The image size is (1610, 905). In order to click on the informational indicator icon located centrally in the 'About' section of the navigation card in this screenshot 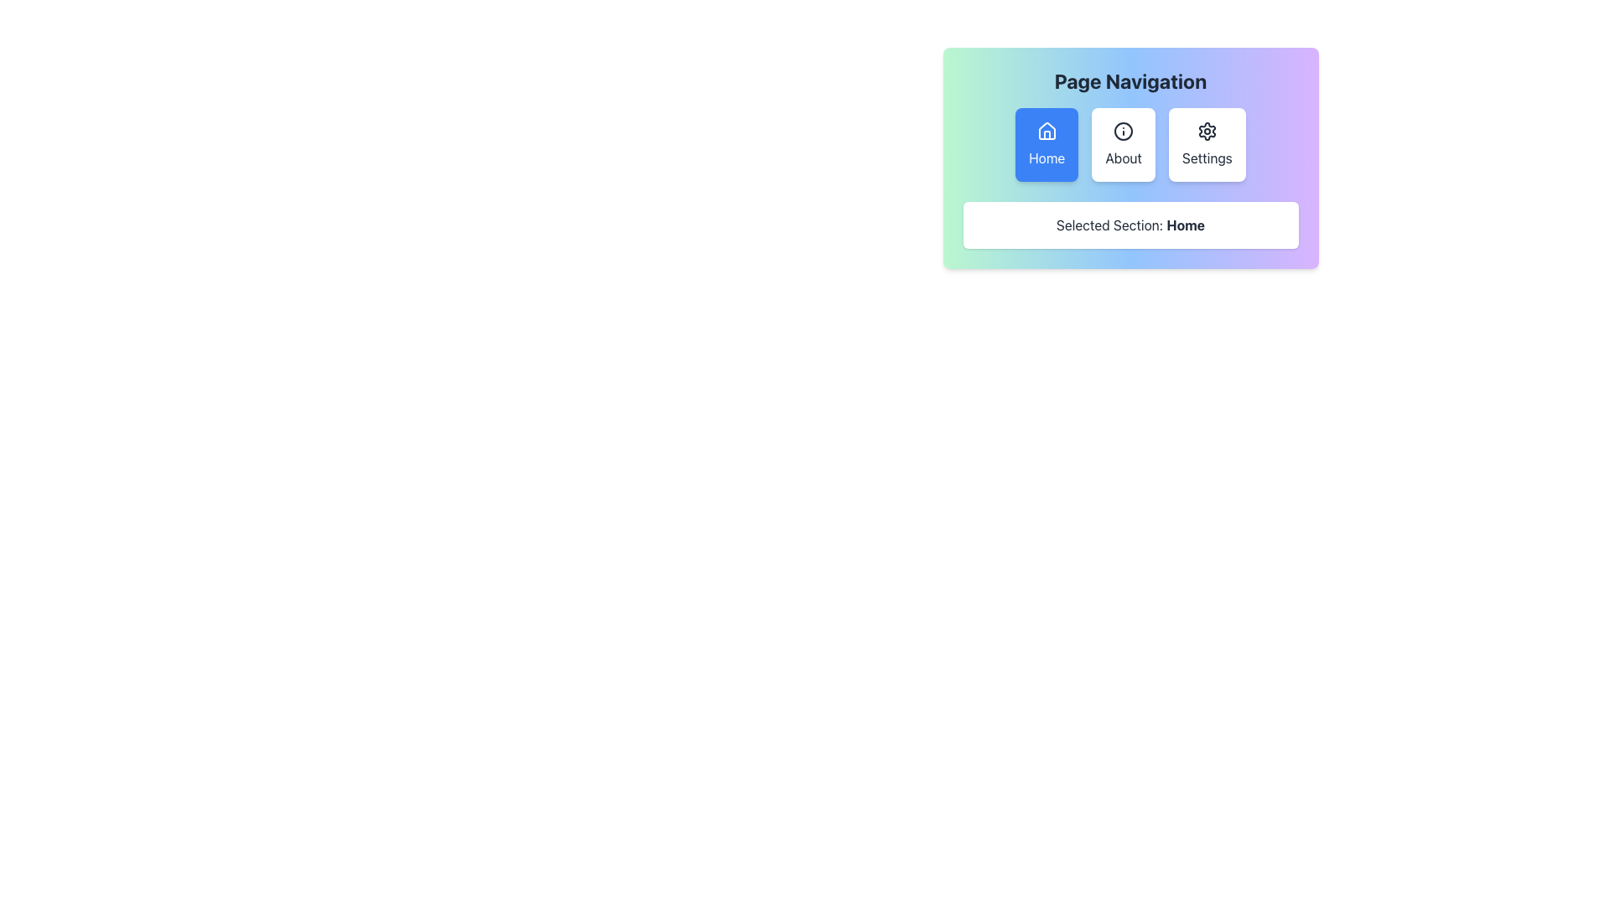, I will do `click(1124, 131)`.